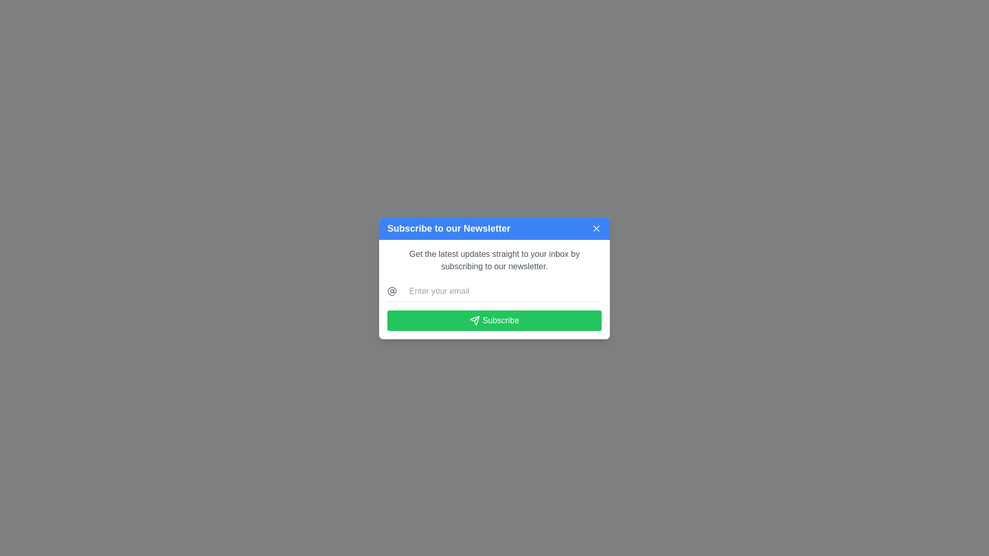  I want to click on the '@' icon, which indicates that the associated input field is for entering an email address, positioned to the left of the 'Enter your email' input field in the middle section of the popup modal, so click(391, 291).